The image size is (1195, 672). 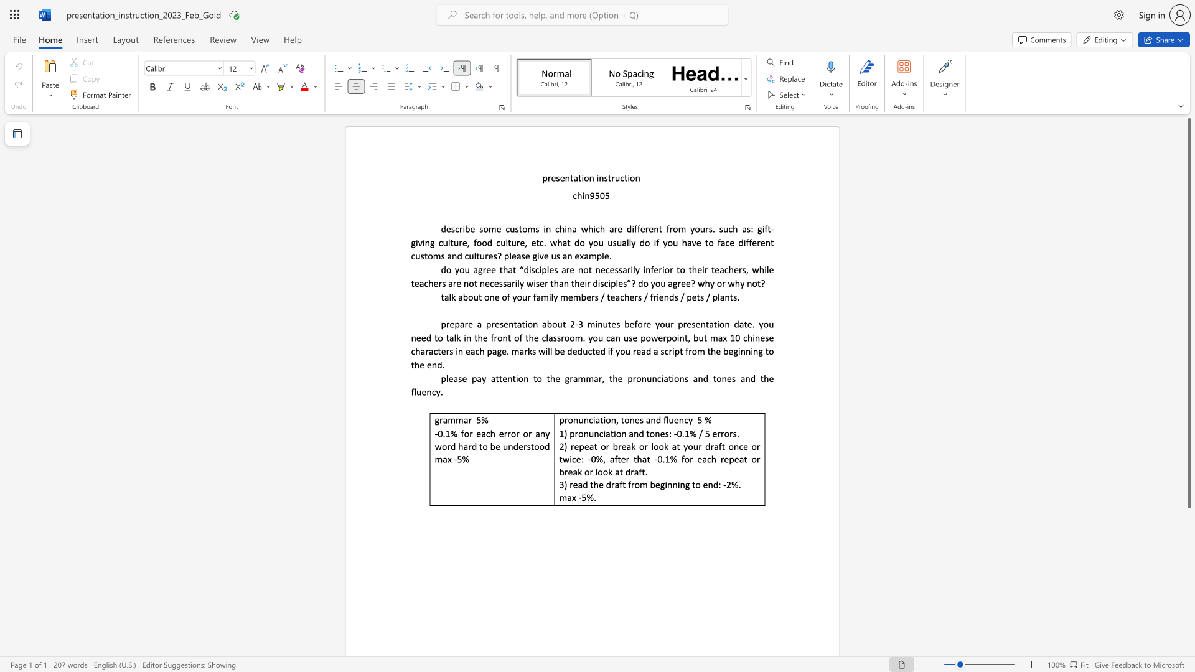 What do you see at coordinates (1188, 634) in the screenshot?
I see `the scrollbar to move the page downward` at bounding box center [1188, 634].